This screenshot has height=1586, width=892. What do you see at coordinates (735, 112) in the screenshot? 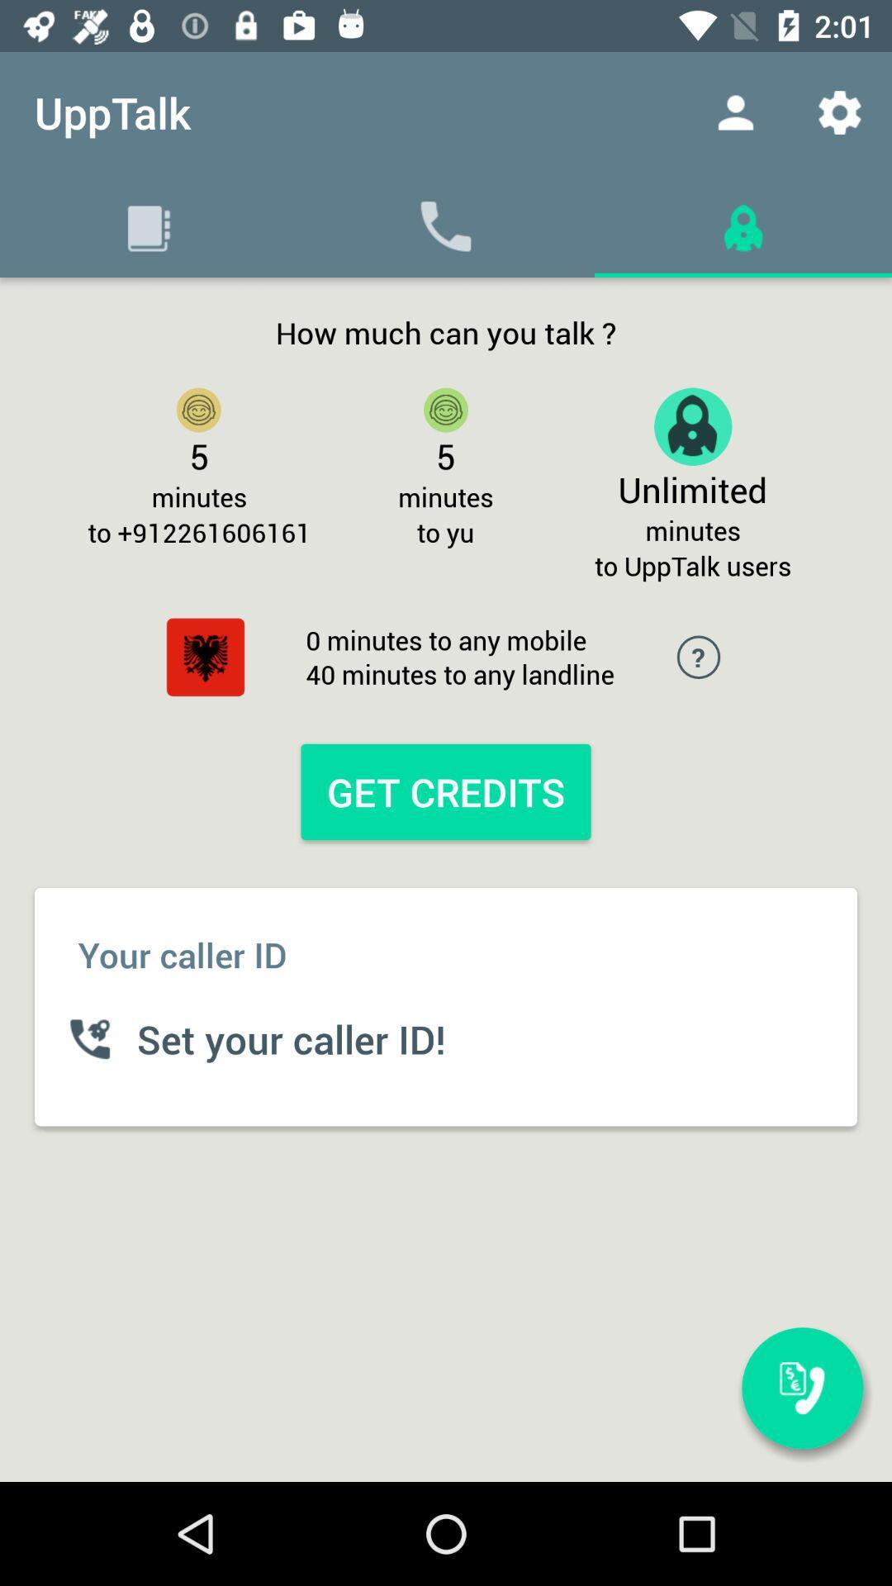
I see `the app to the right of upptalk app` at bounding box center [735, 112].